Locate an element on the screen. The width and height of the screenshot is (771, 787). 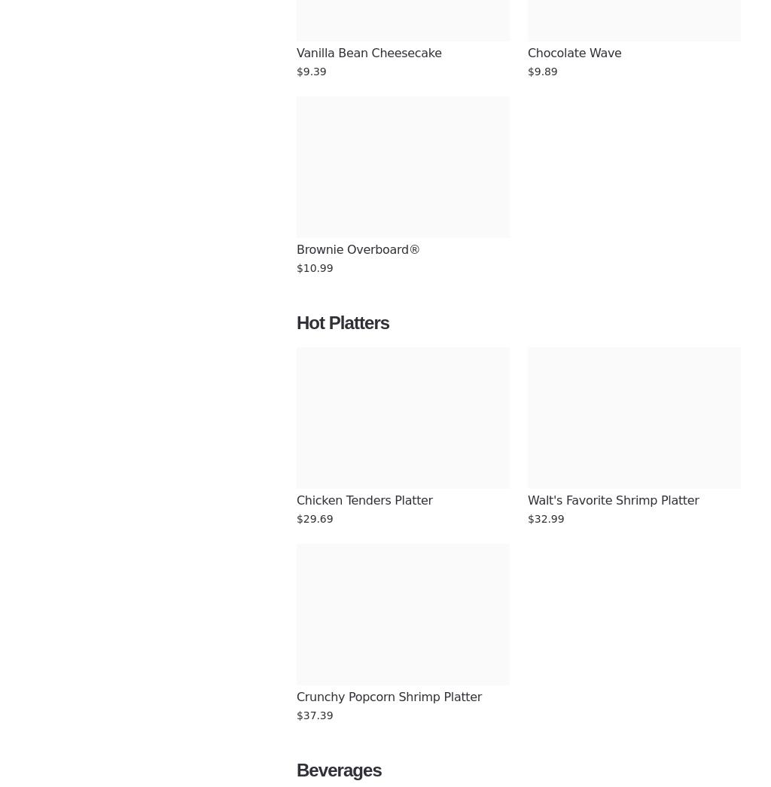
'$29.69' is located at coordinates (313, 518).